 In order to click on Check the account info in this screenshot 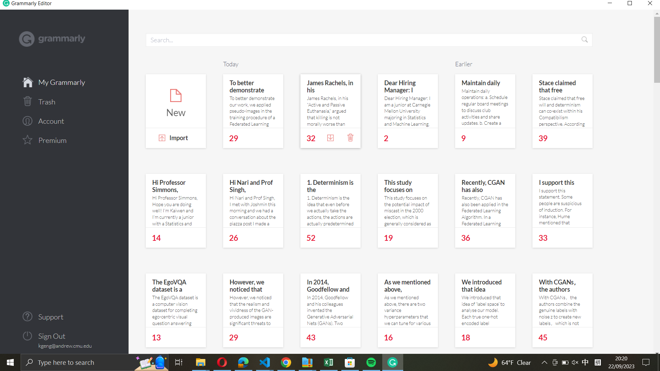, I will do `click(64, 120)`.